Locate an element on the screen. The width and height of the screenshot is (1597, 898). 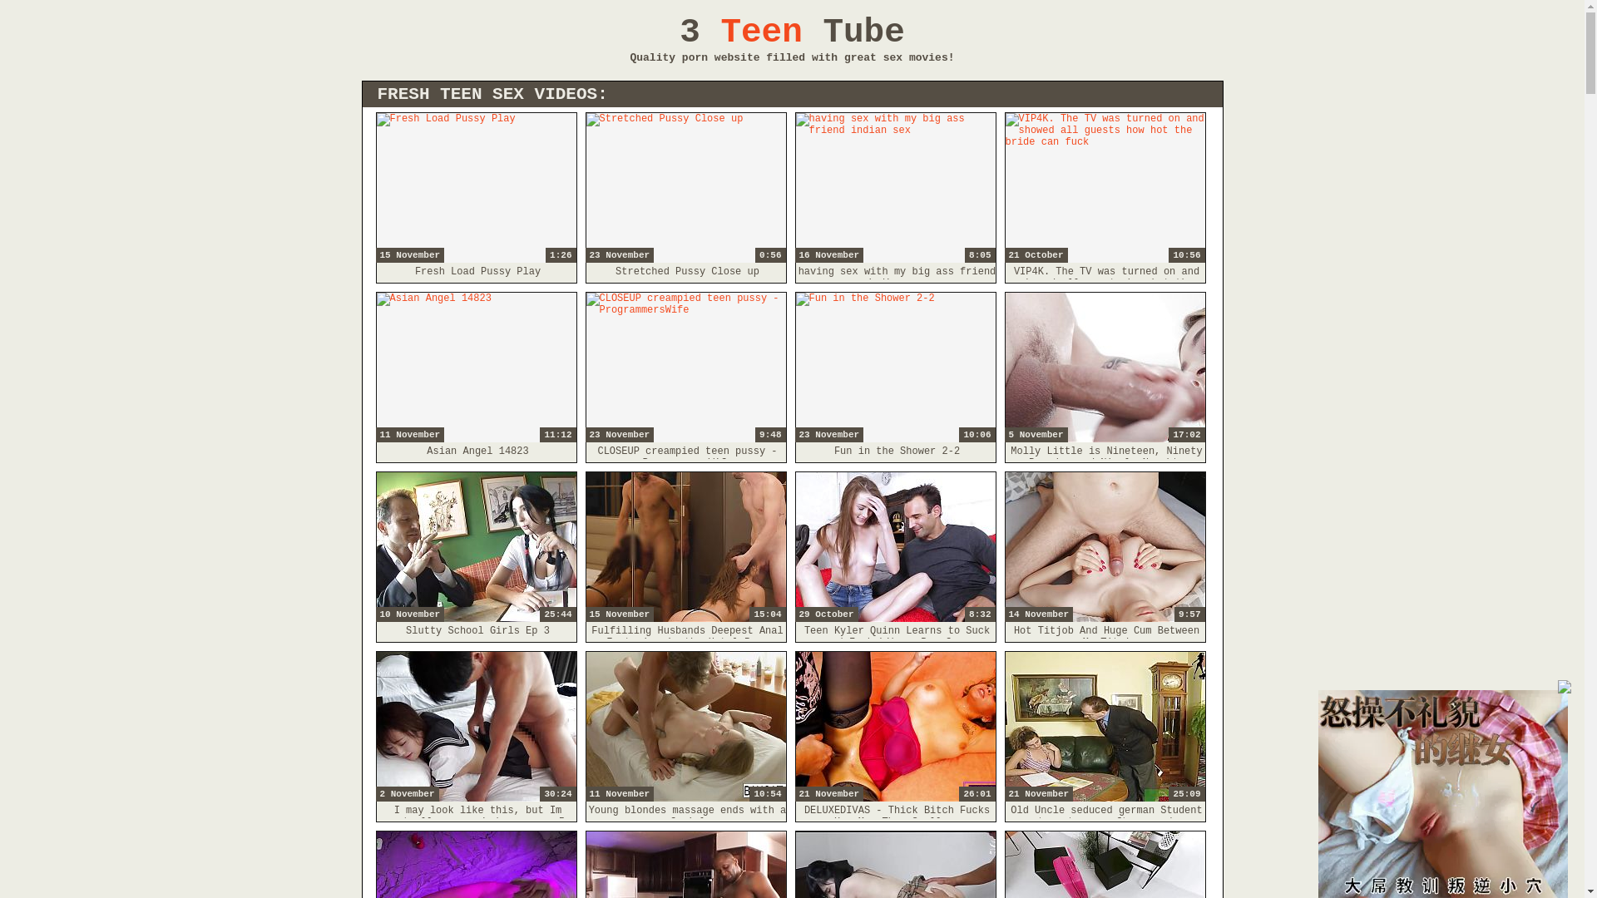
'3 Teen Tube' is located at coordinates (791, 32).